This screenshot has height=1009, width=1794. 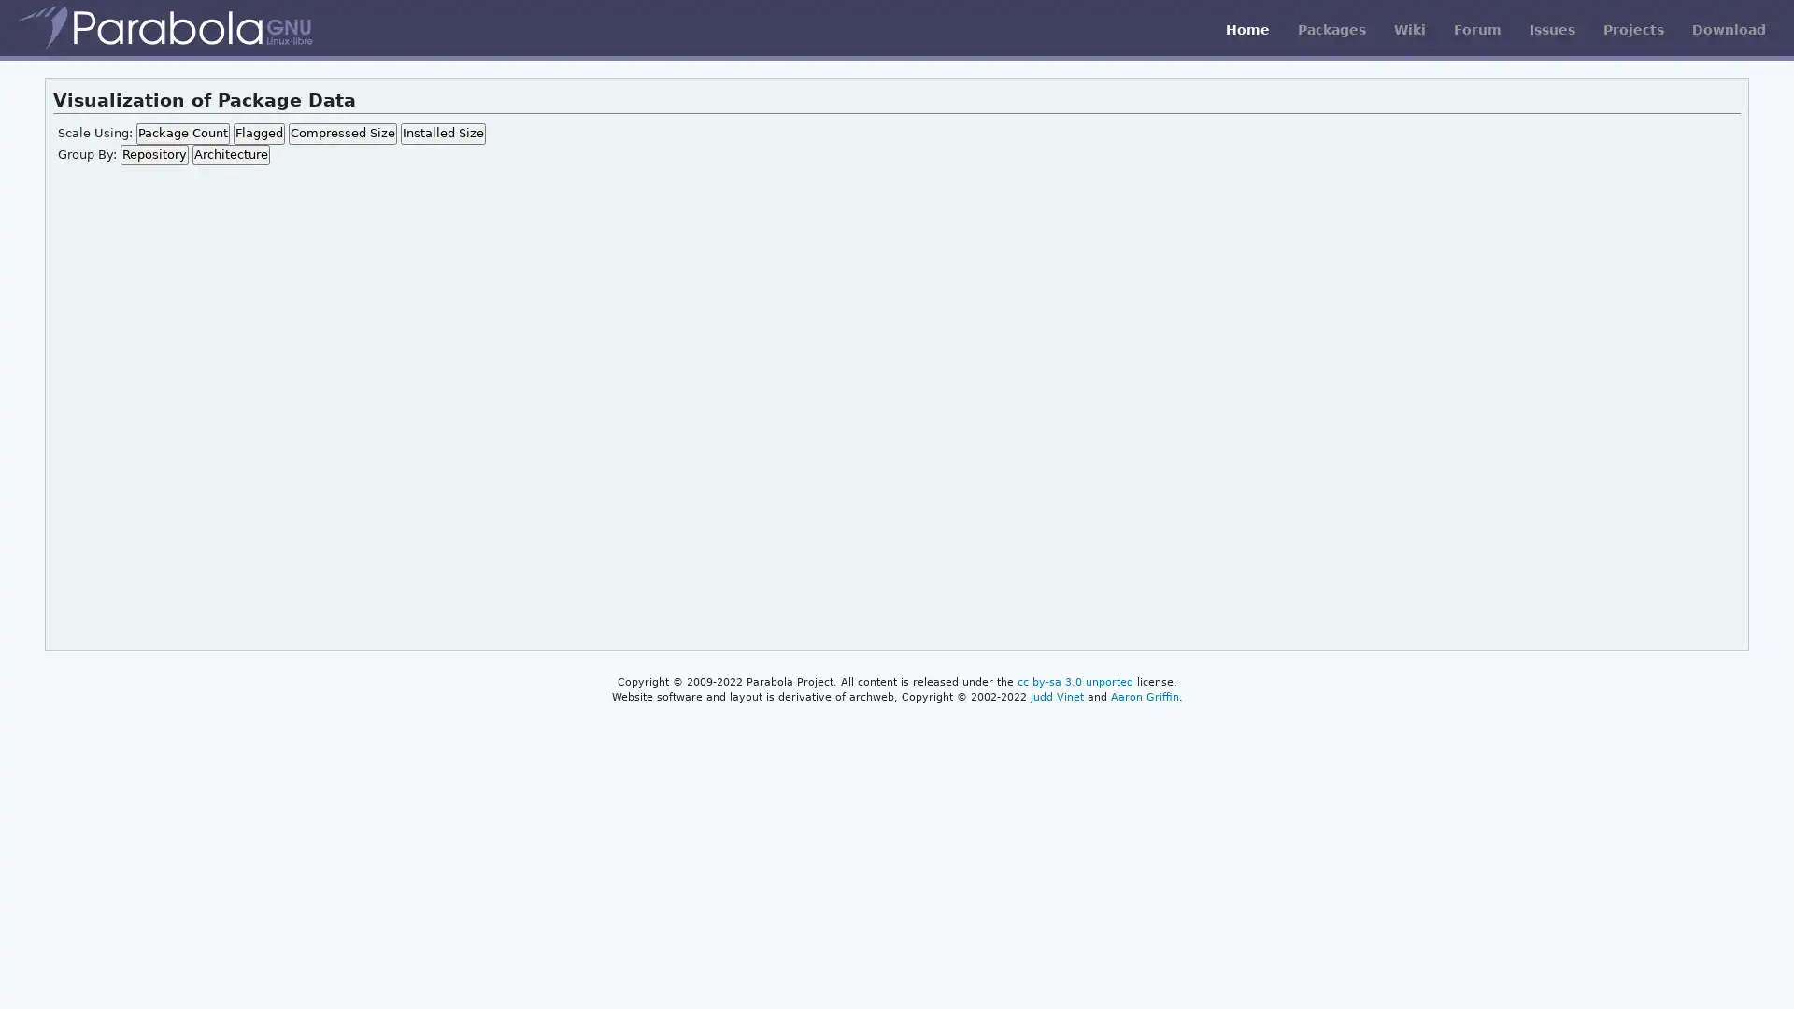 What do you see at coordinates (257, 132) in the screenshot?
I see `Flagged` at bounding box center [257, 132].